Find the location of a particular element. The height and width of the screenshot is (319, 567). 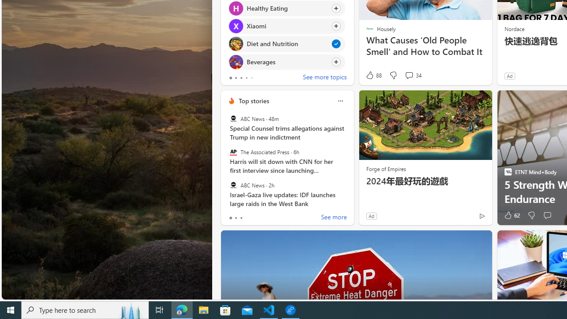

'tab-4' is located at coordinates (251, 78).